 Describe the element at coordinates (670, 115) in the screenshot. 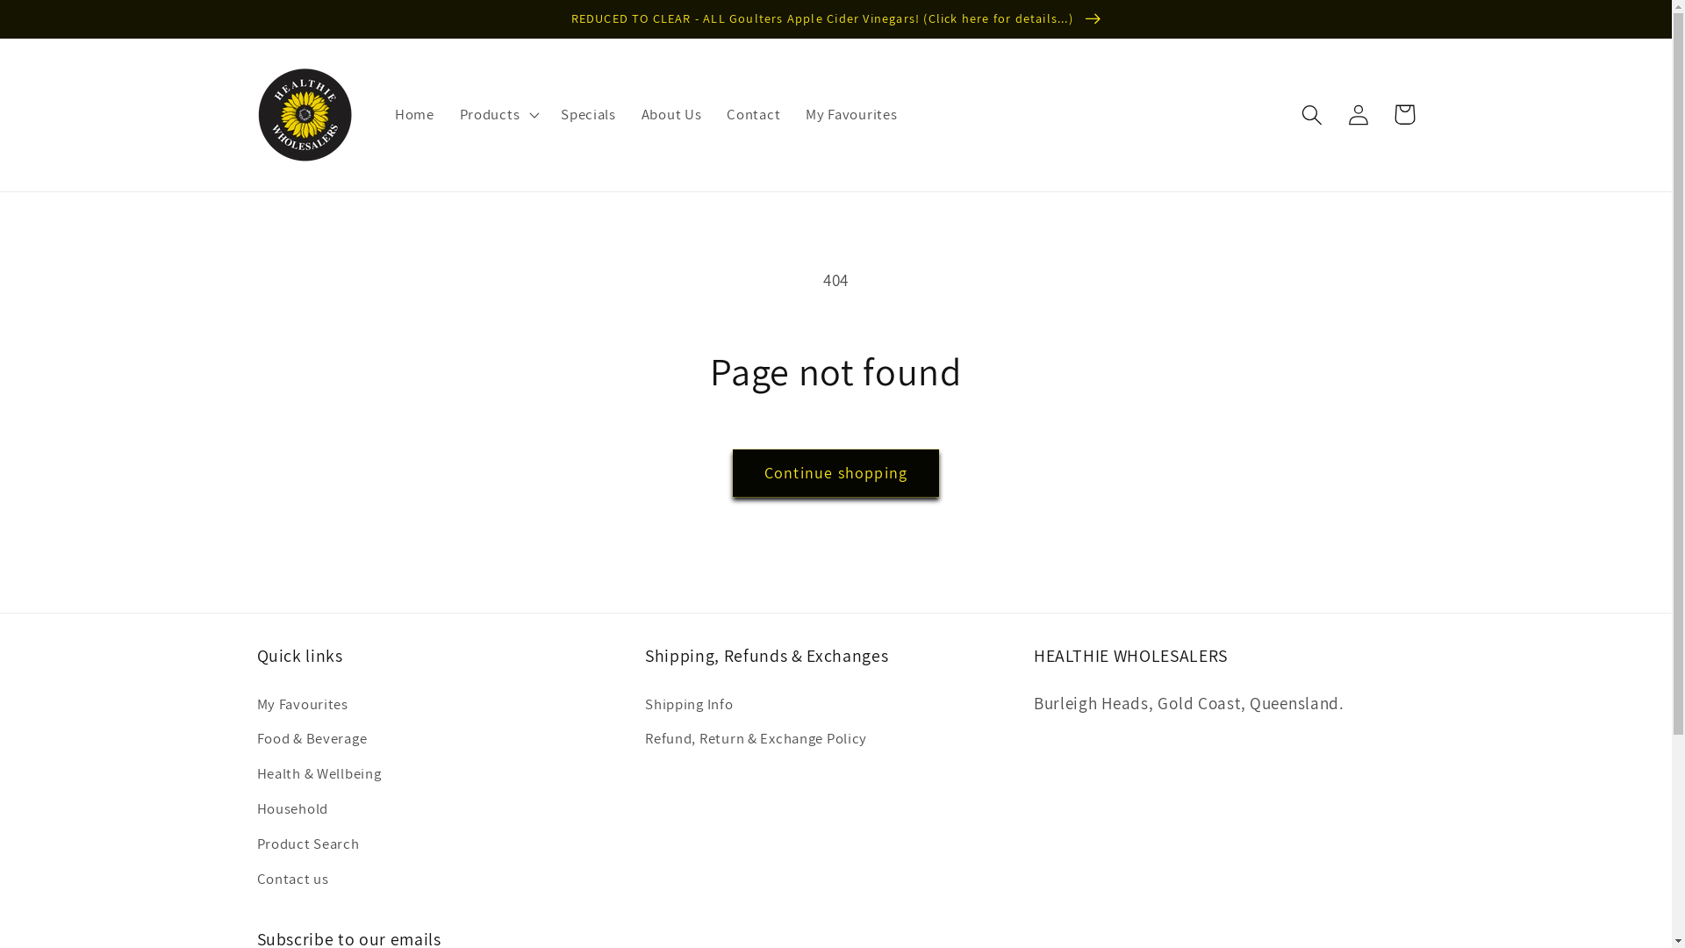

I see `'About Us'` at that location.